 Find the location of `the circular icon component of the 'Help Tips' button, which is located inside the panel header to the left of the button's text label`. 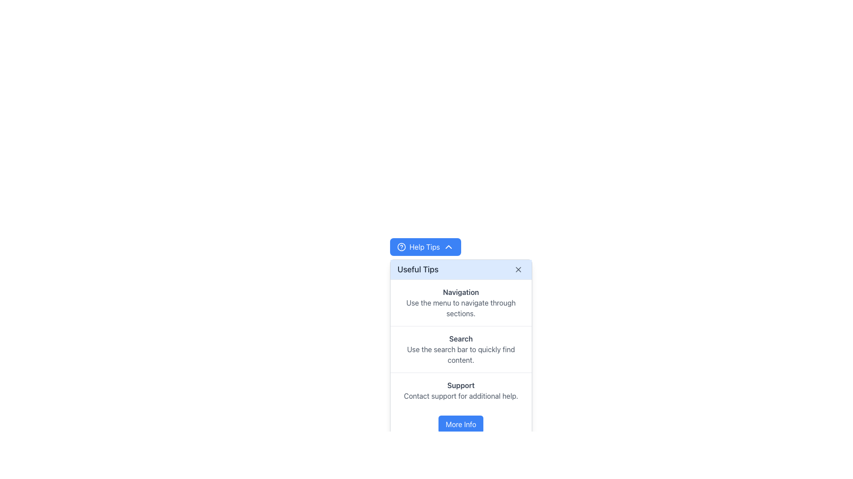

the circular icon component of the 'Help Tips' button, which is located inside the panel header to the left of the button's text label is located at coordinates (401, 247).